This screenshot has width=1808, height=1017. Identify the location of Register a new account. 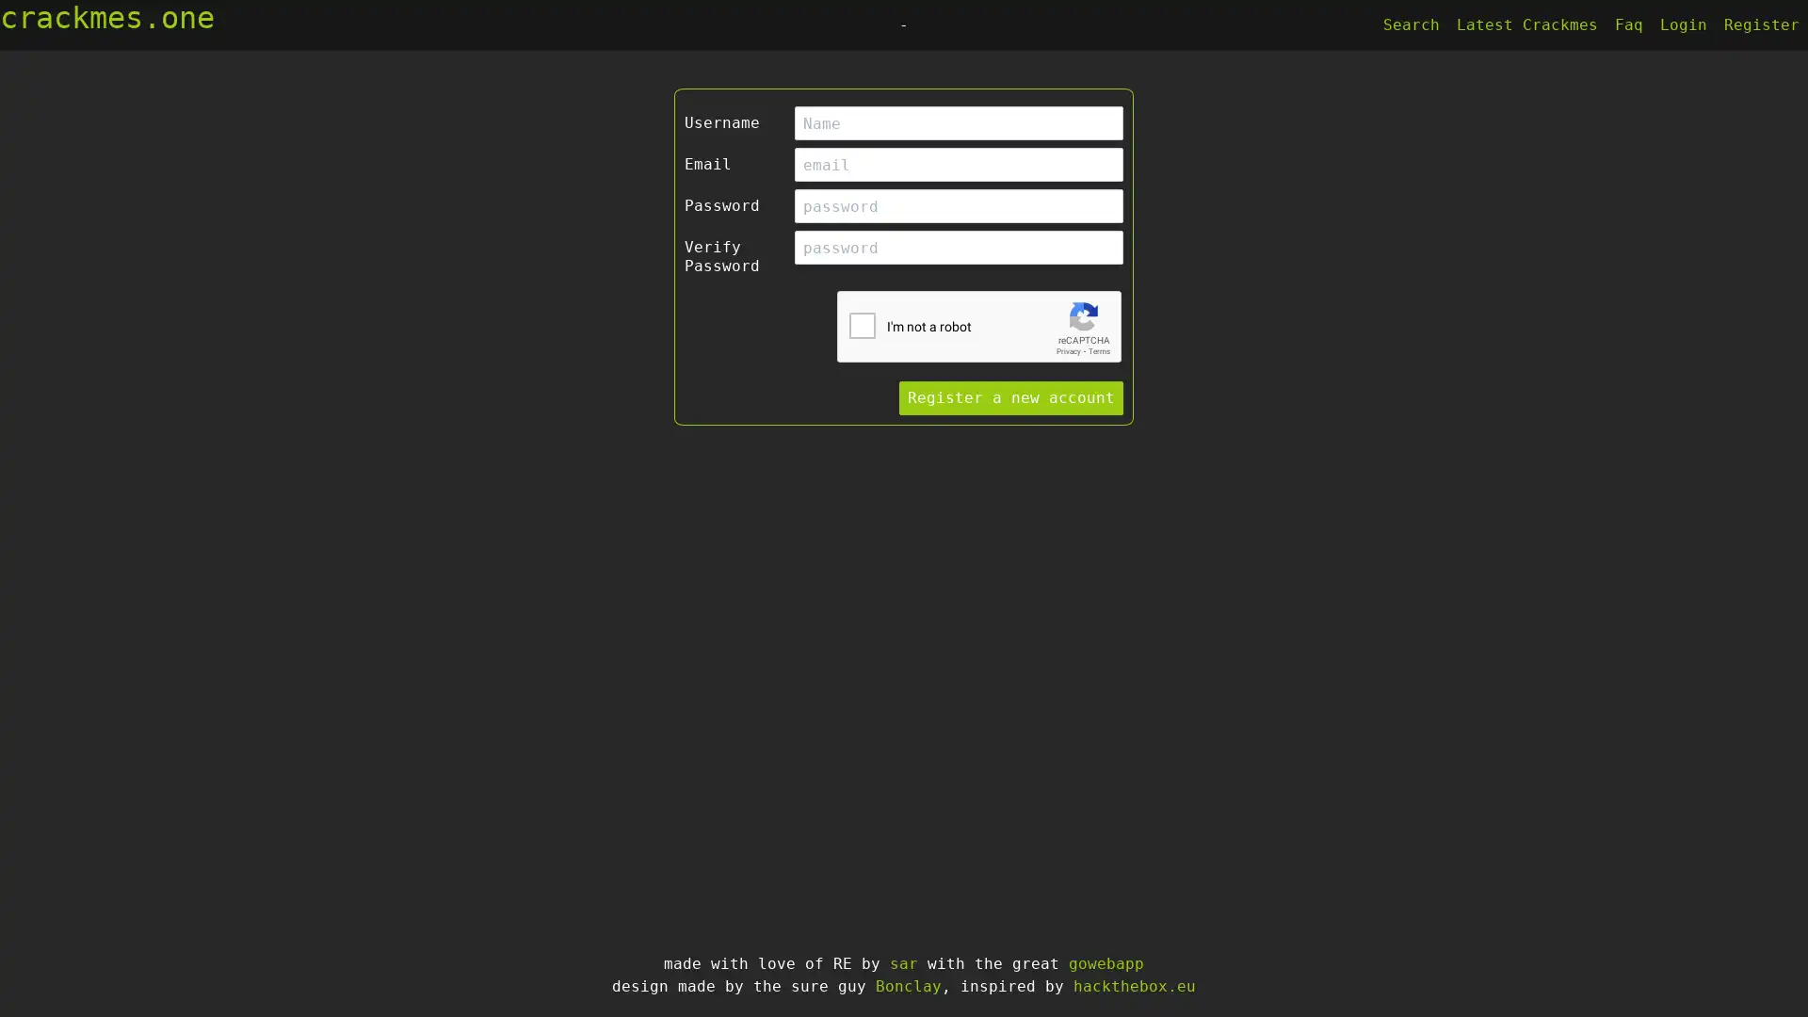
(1010, 397).